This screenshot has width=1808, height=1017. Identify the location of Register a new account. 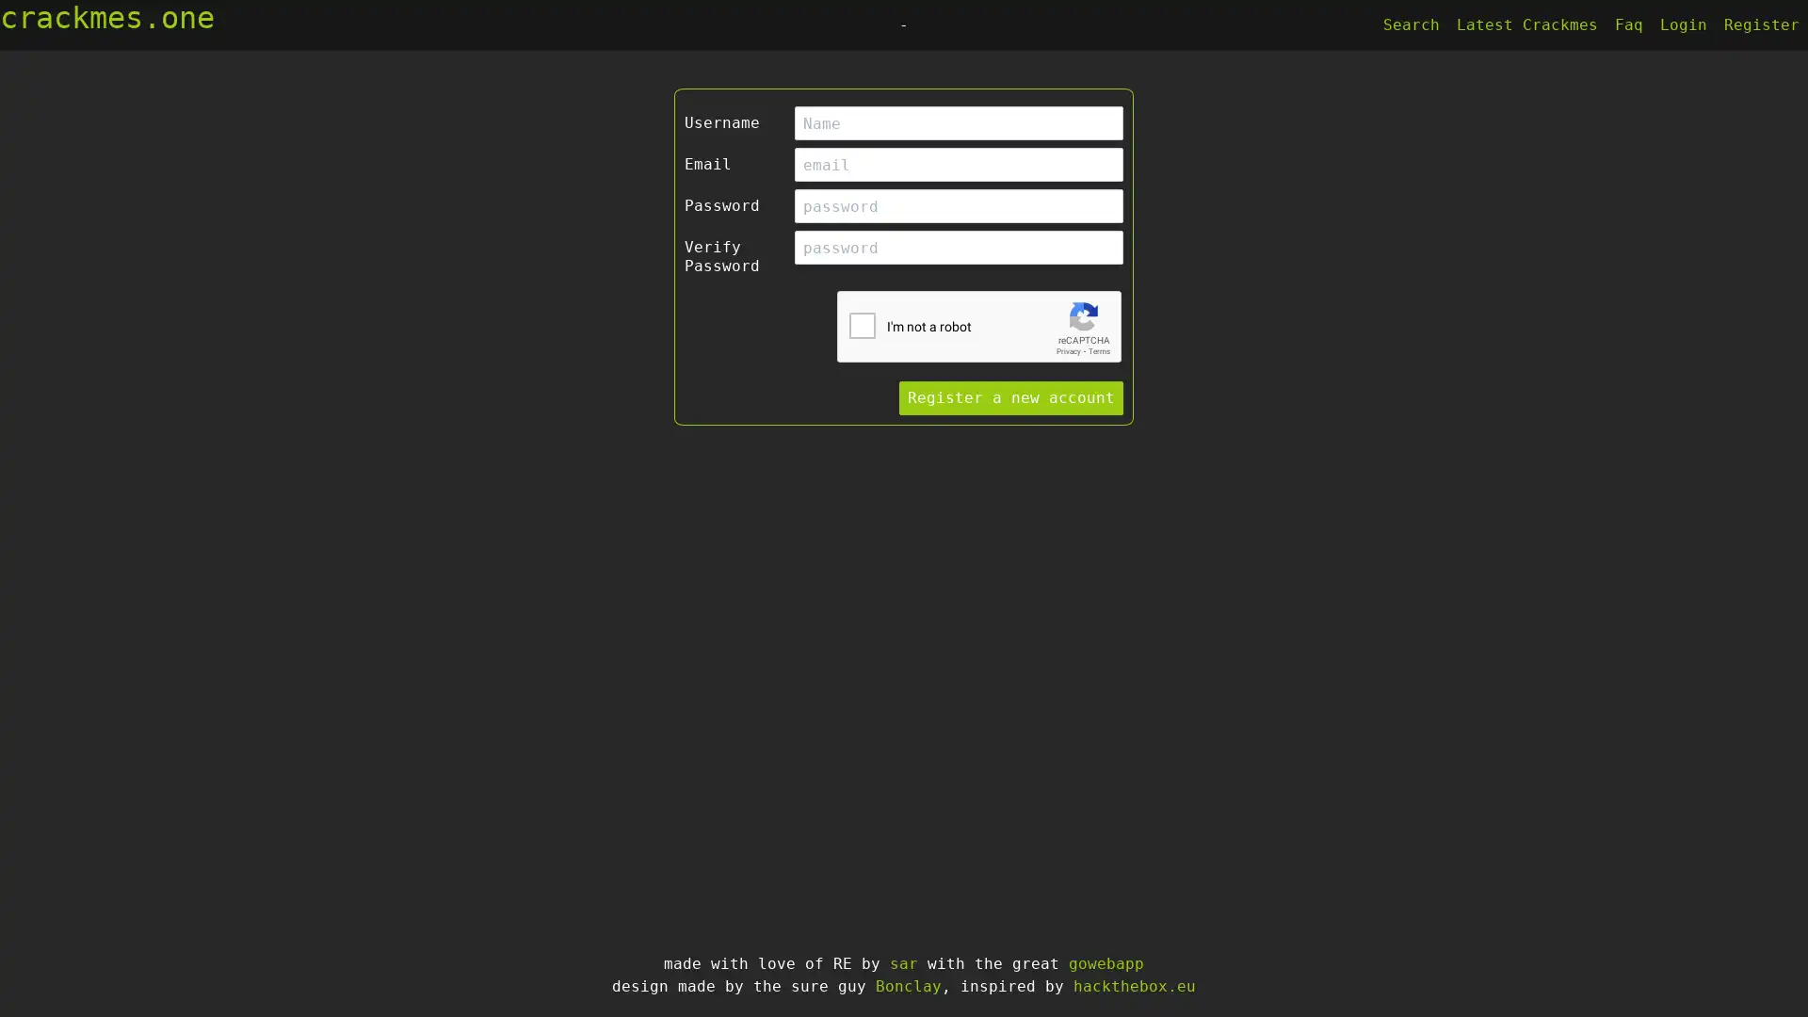
(1010, 397).